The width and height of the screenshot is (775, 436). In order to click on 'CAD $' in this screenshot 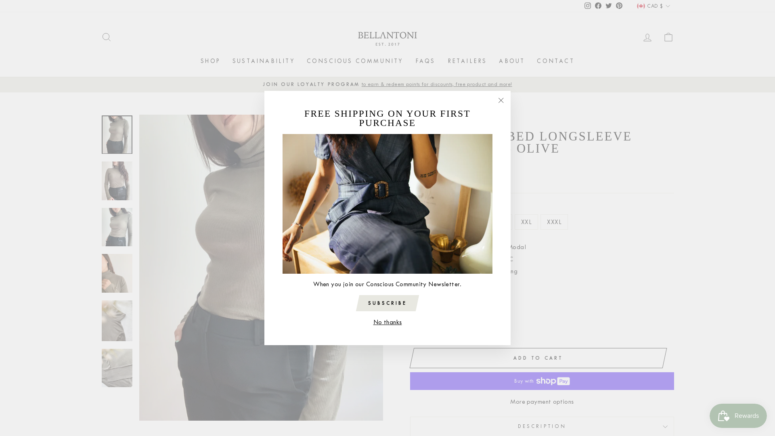, I will do `click(653, 6)`.